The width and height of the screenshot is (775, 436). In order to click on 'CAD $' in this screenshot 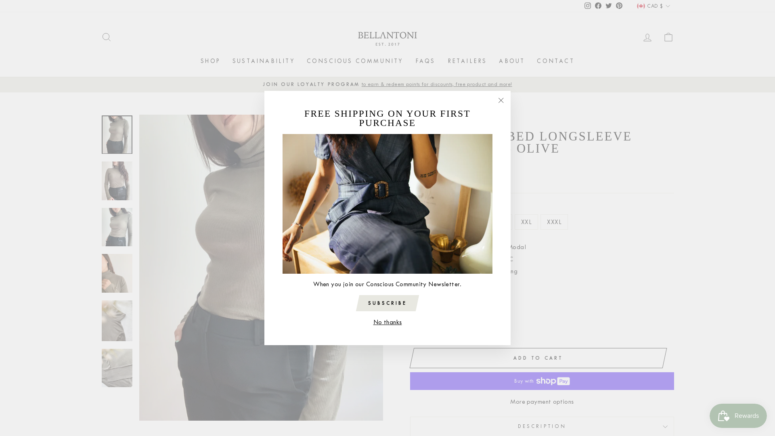, I will do `click(653, 6)`.